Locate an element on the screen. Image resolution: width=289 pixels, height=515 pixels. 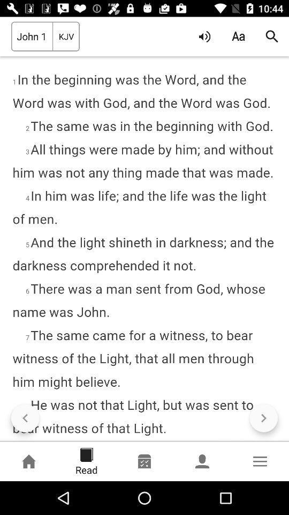
the arrow_forward icon is located at coordinates (263, 417).